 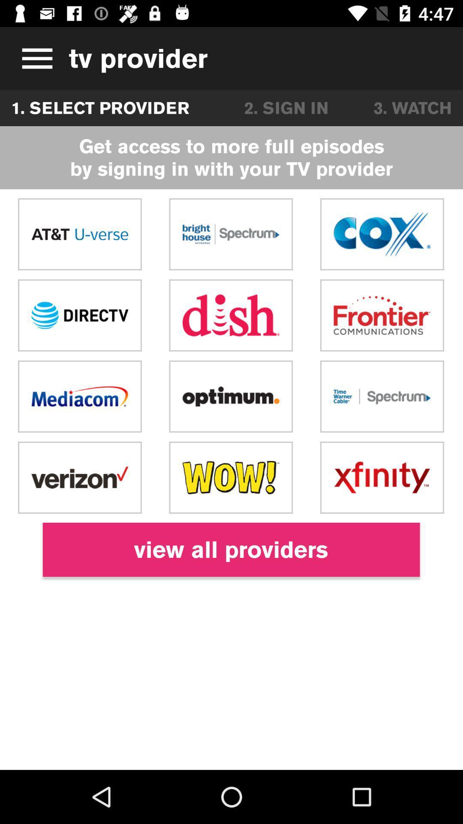 I want to click on item to the left of the tv provider icon, so click(x=34, y=58).